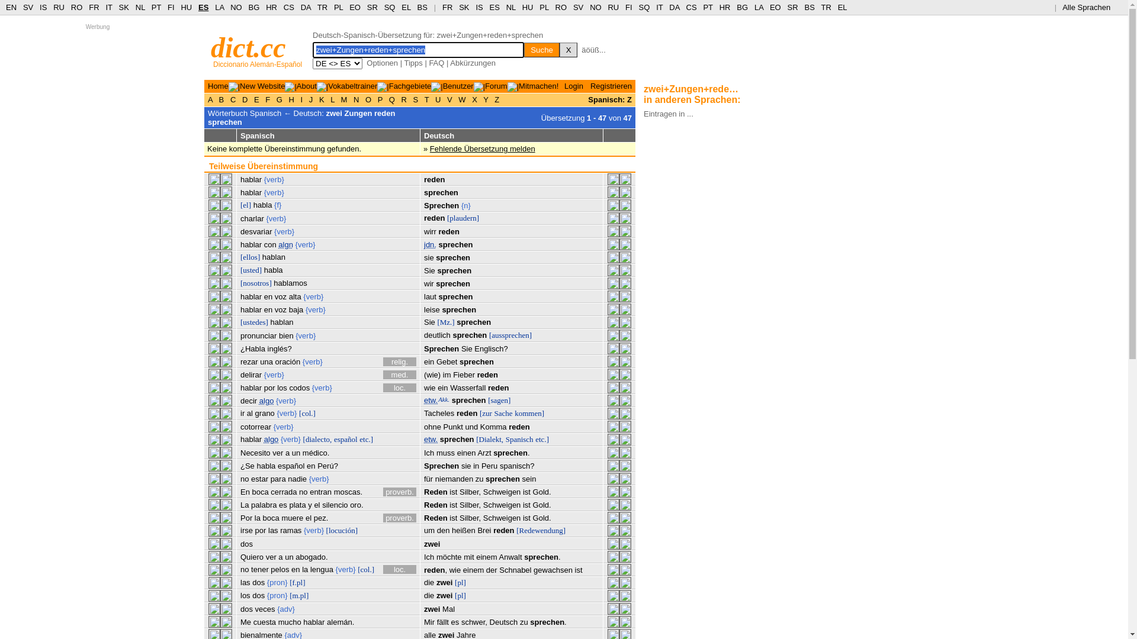  Describe the element at coordinates (463, 375) in the screenshot. I see `'Fieber'` at that location.